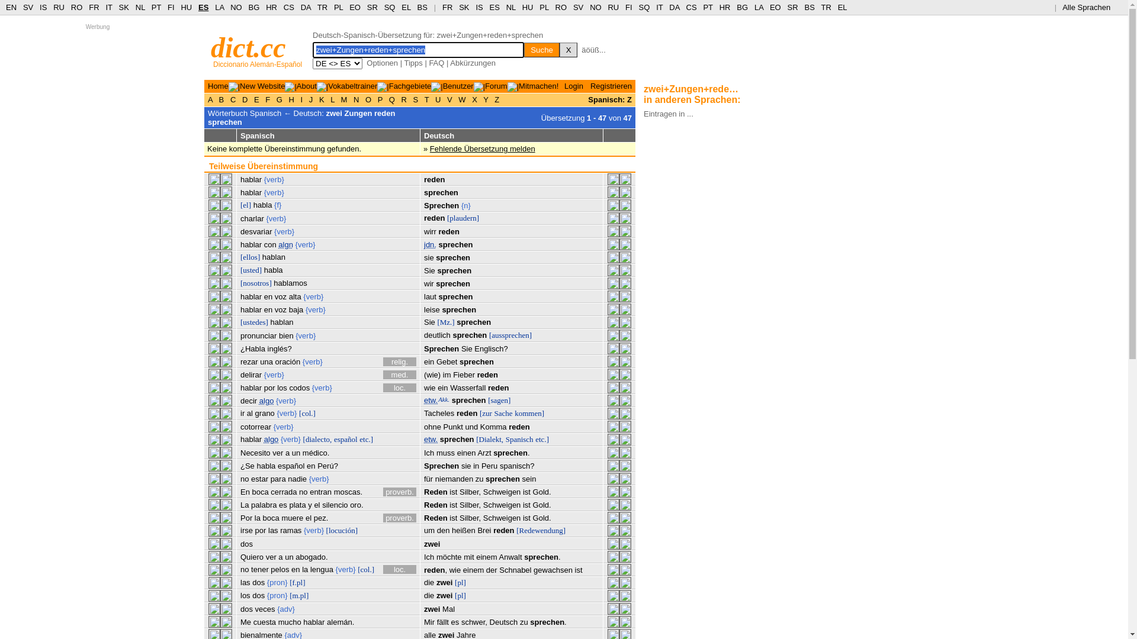  Describe the element at coordinates (463, 375) in the screenshot. I see `'Fieber'` at that location.